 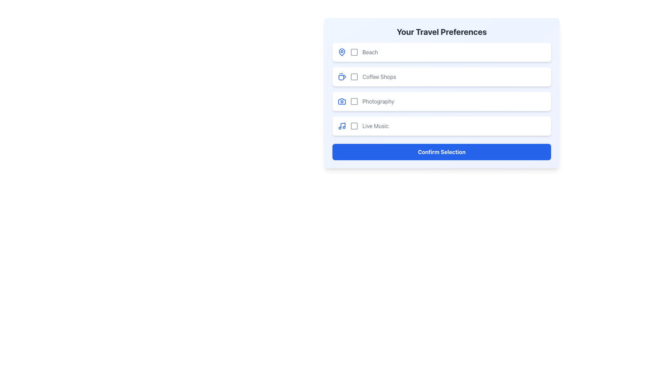 What do you see at coordinates (354, 52) in the screenshot?
I see `the gray square icon located to the left of the text 'Beach' in the selectable preference option block` at bounding box center [354, 52].